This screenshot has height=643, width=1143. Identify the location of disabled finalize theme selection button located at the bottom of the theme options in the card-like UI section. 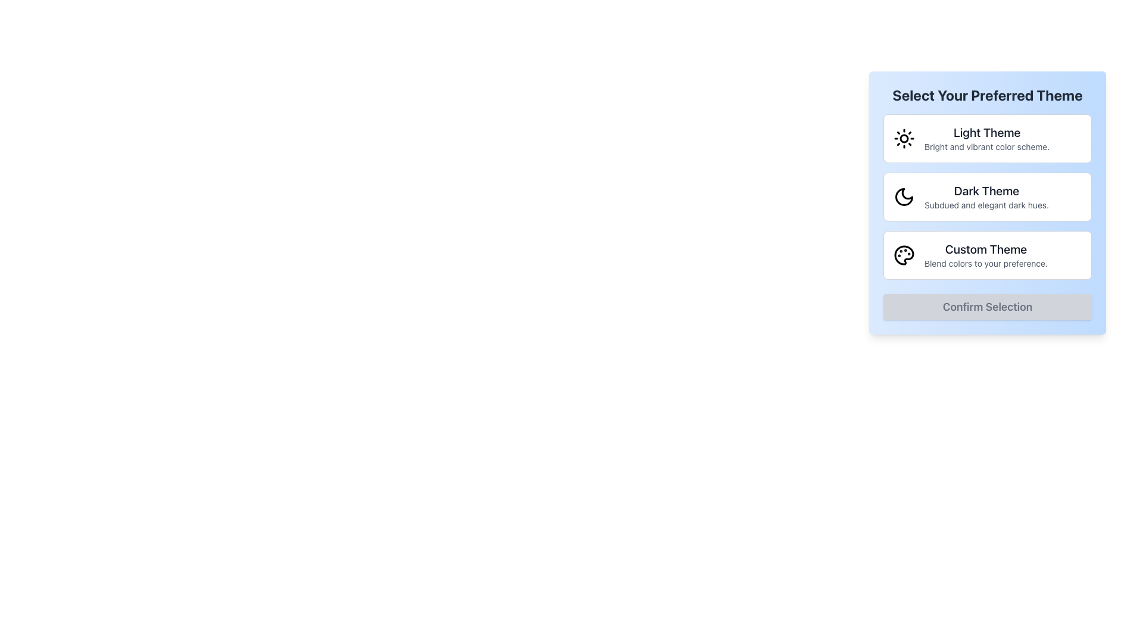
(988, 307).